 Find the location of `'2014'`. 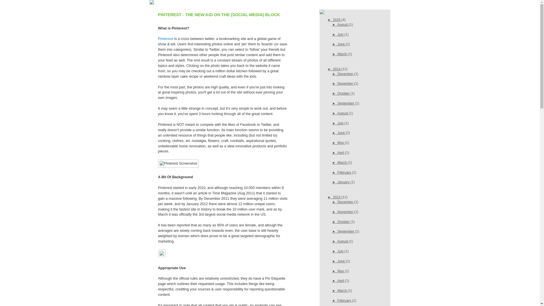

'2014' is located at coordinates (337, 69).